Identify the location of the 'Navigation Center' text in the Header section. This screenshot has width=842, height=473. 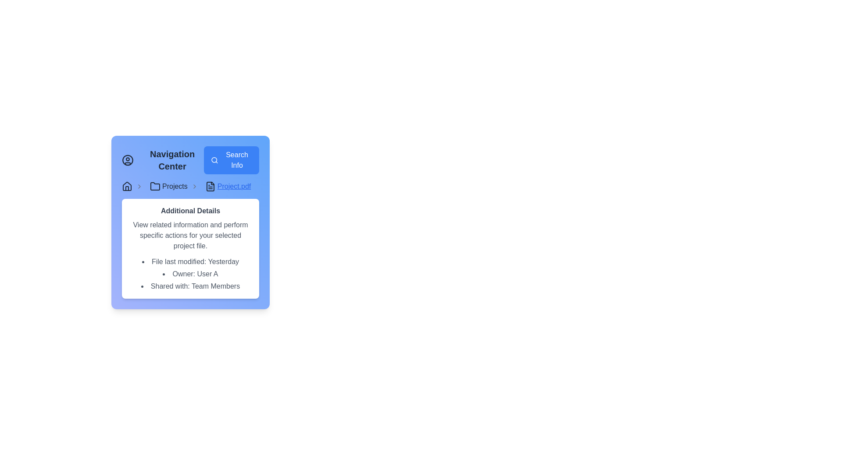
(190, 160).